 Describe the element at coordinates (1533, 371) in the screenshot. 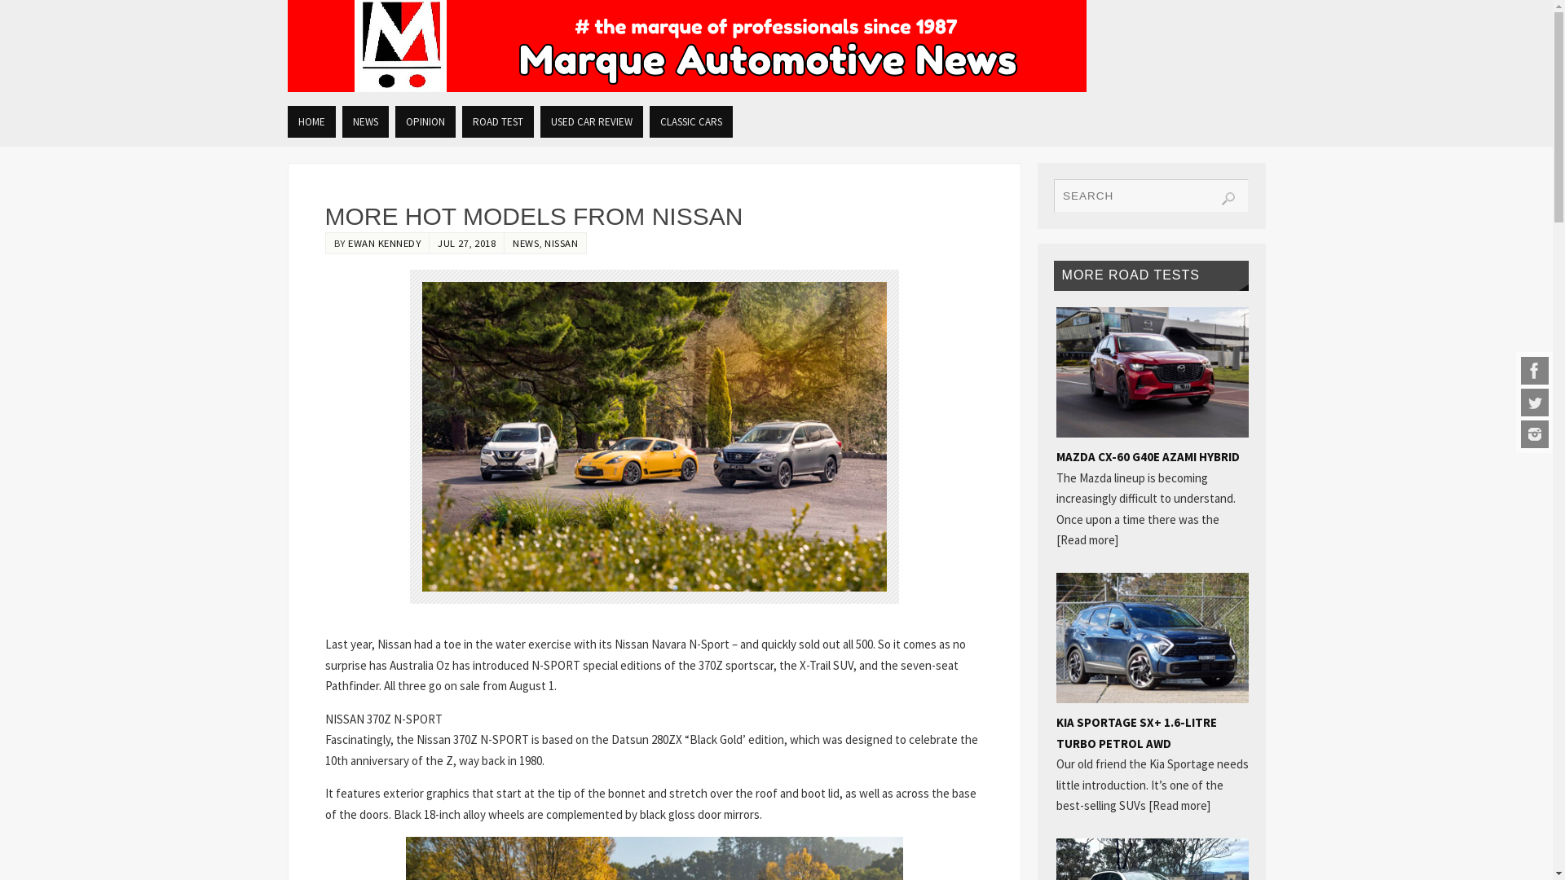

I see `'Facebook'` at that location.